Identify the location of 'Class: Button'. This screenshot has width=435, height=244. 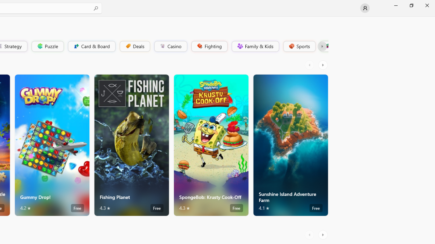
(321, 46).